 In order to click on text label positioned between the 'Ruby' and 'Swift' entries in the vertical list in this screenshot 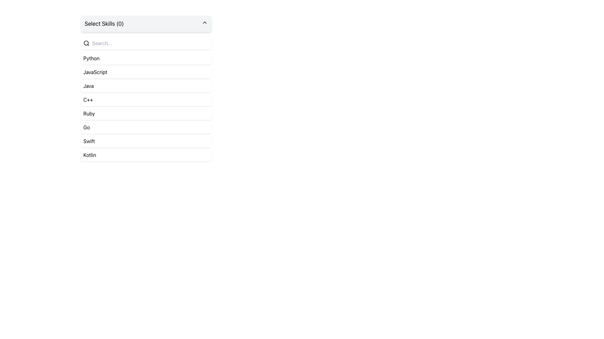, I will do `click(86, 127)`.